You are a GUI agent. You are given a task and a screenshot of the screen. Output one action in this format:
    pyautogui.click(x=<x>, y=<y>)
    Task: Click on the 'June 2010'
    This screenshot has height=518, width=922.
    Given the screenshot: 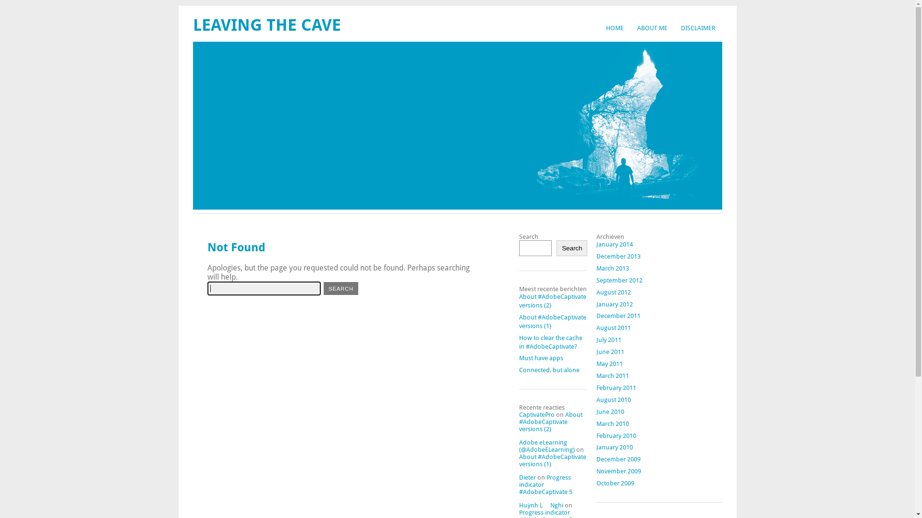 What is the action you would take?
    pyautogui.click(x=610, y=411)
    